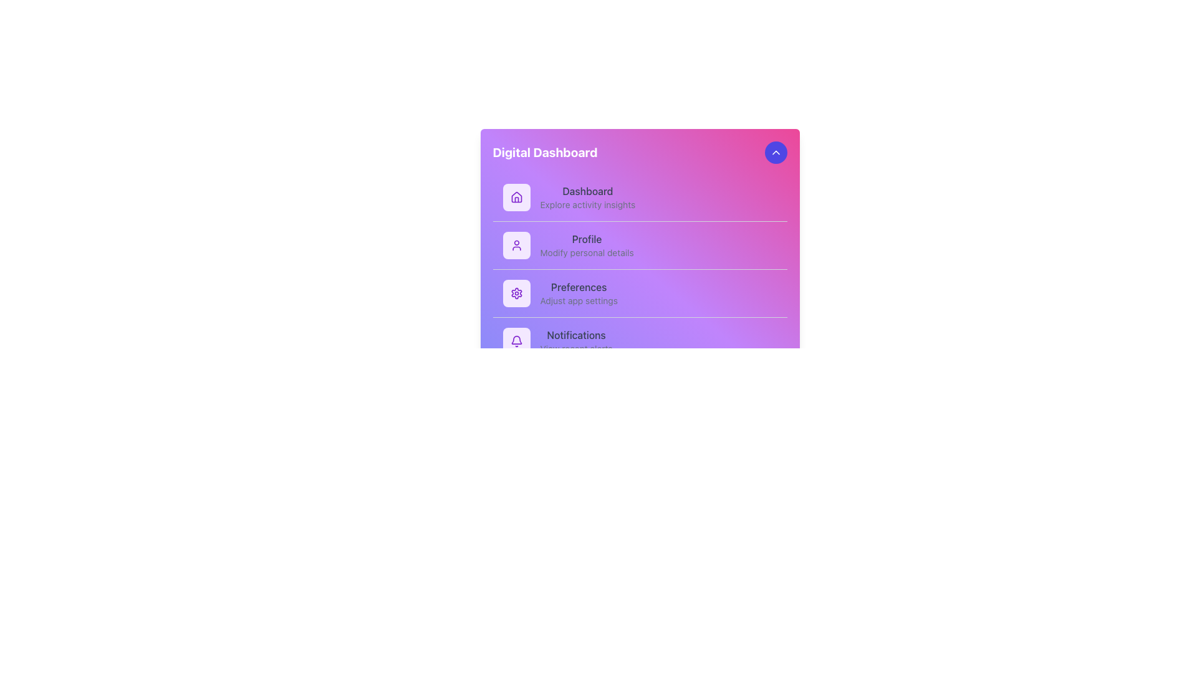  Describe the element at coordinates (516, 196) in the screenshot. I see `the 'Dashboard' icon located at the top of the vertical menu list` at that location.